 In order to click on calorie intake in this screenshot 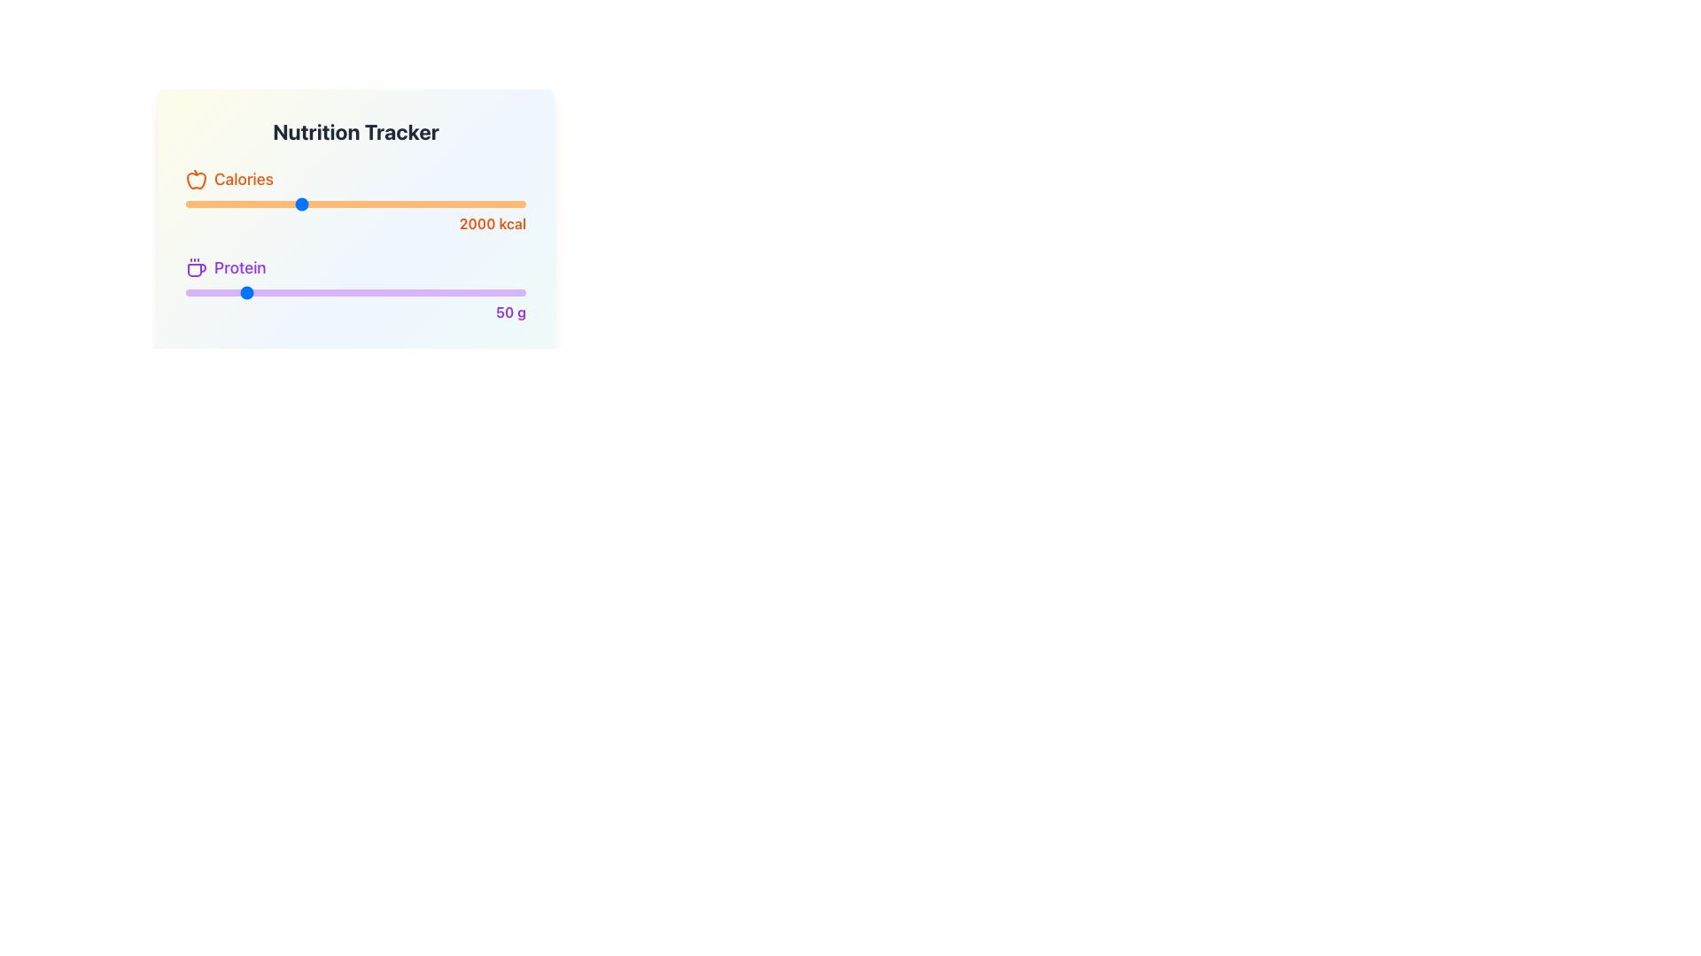, I will do `click(317, 200)`.